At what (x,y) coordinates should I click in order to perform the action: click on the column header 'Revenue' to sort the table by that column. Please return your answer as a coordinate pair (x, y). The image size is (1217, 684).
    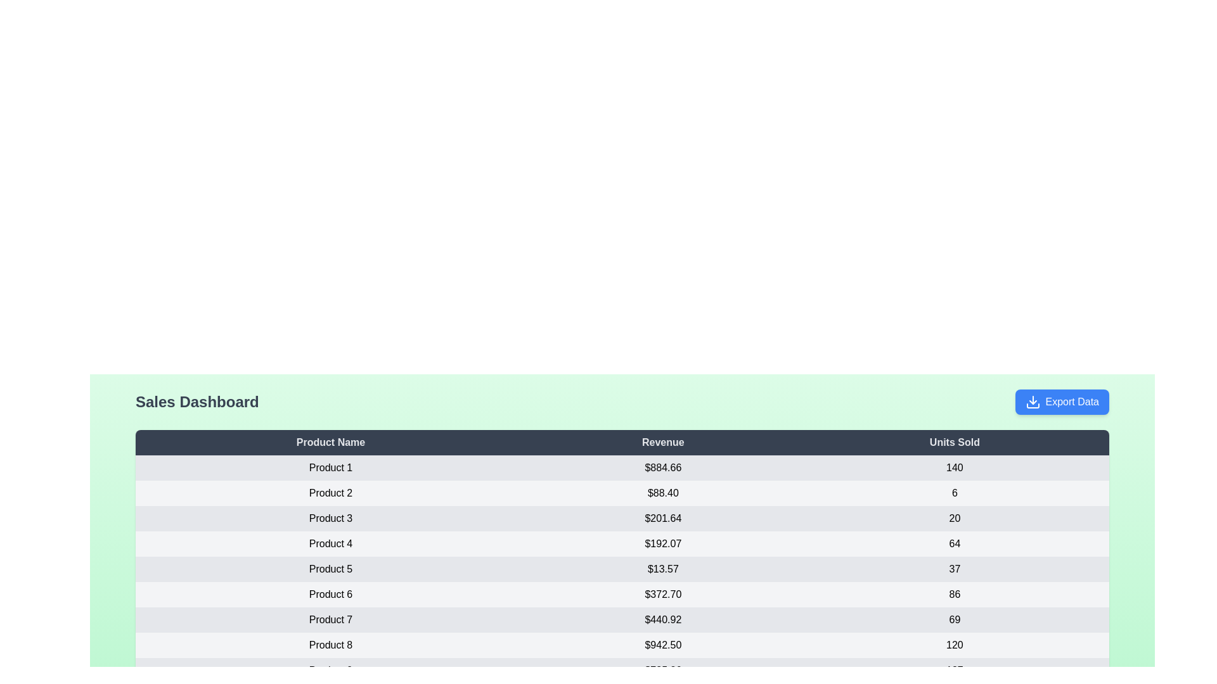
    Looking at the image, I should click on (662, 441).